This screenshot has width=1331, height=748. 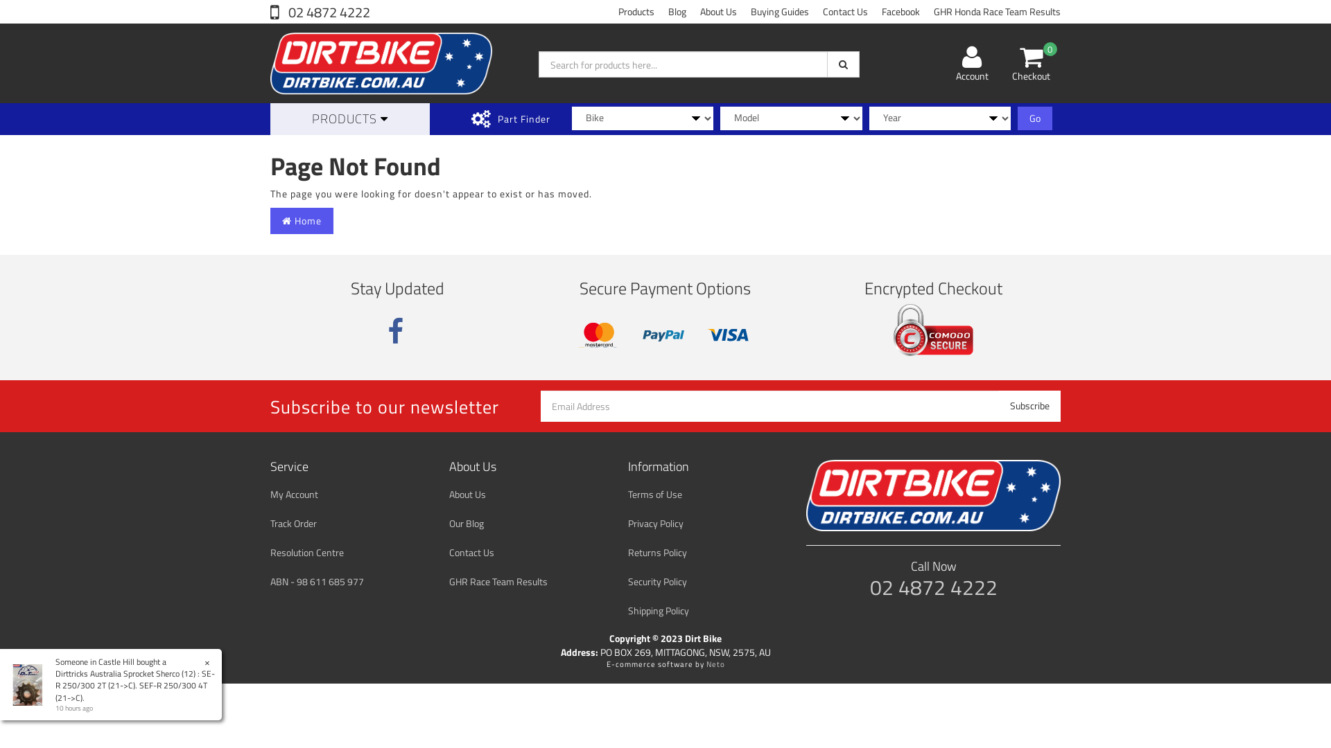 What do you see at coordinates (301, 220) in the screenshot?
I see `'Home'` at bounding box center [301, 220].